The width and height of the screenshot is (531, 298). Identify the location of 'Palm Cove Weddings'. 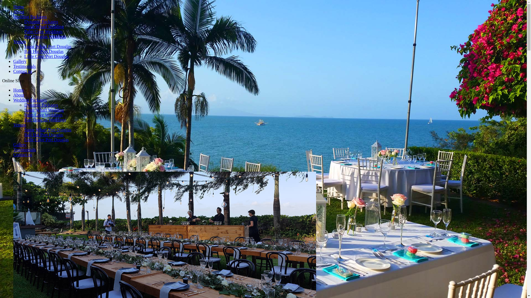
(43, 31).